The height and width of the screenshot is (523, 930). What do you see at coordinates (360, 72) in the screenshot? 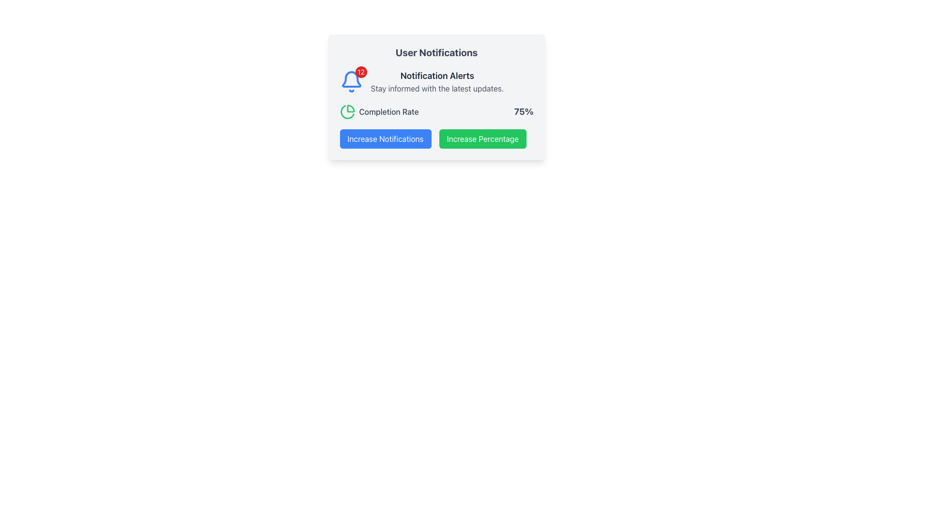
I see `the Notification Badge located at the top right of the bell icon in the Notification Alerts section` at bounding box center [360, 72].